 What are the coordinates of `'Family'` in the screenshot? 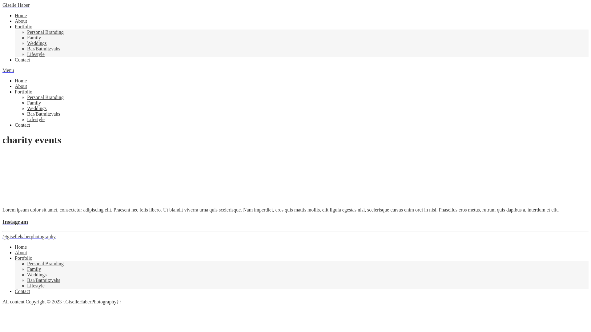 It's located at (34, 102).